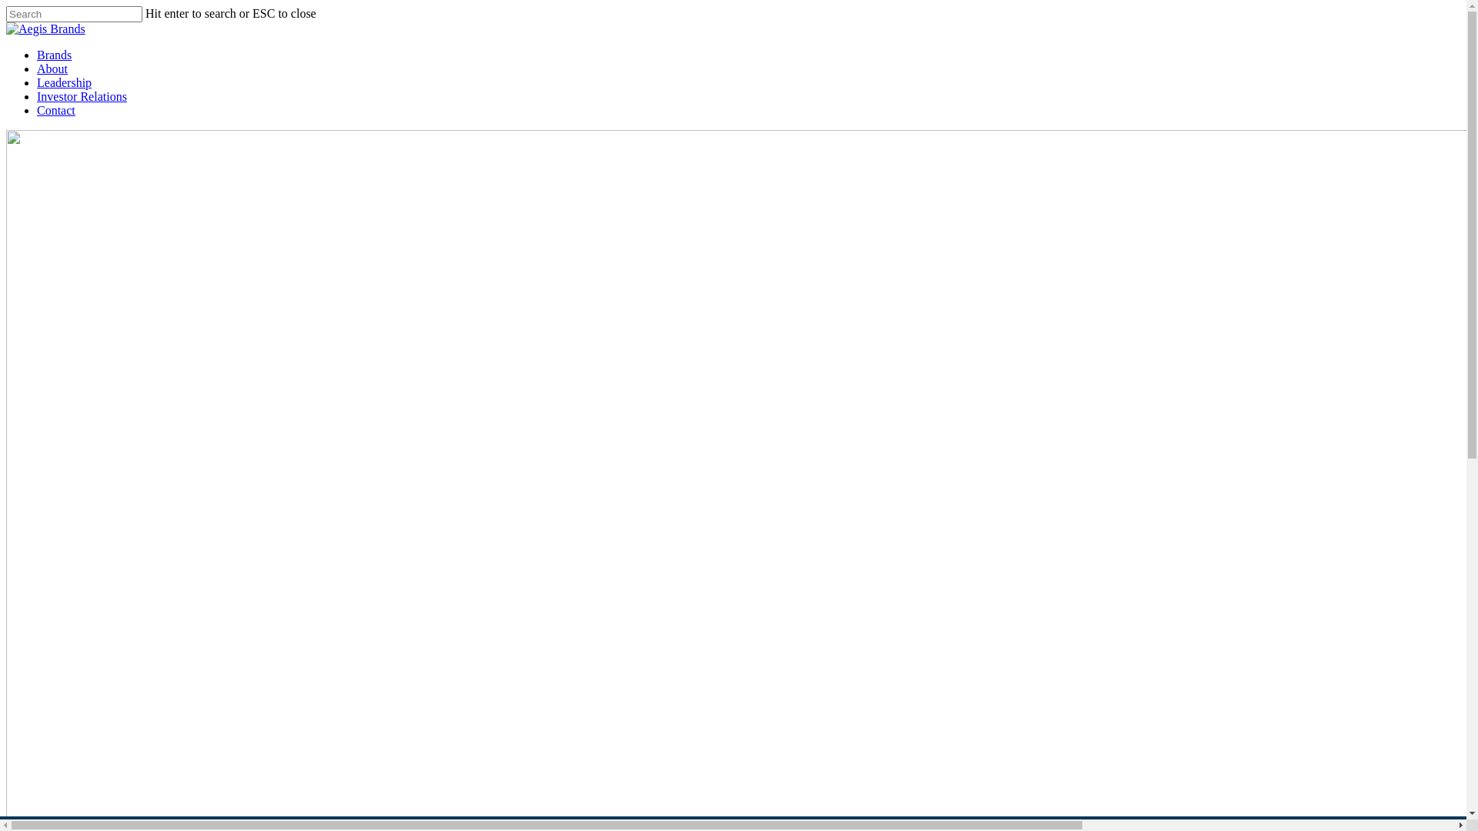 The width and height of the screenshot is (1478, 831). Describe the element at coordinates (52, 68) in the screenshot. I see `'About'` at that location.